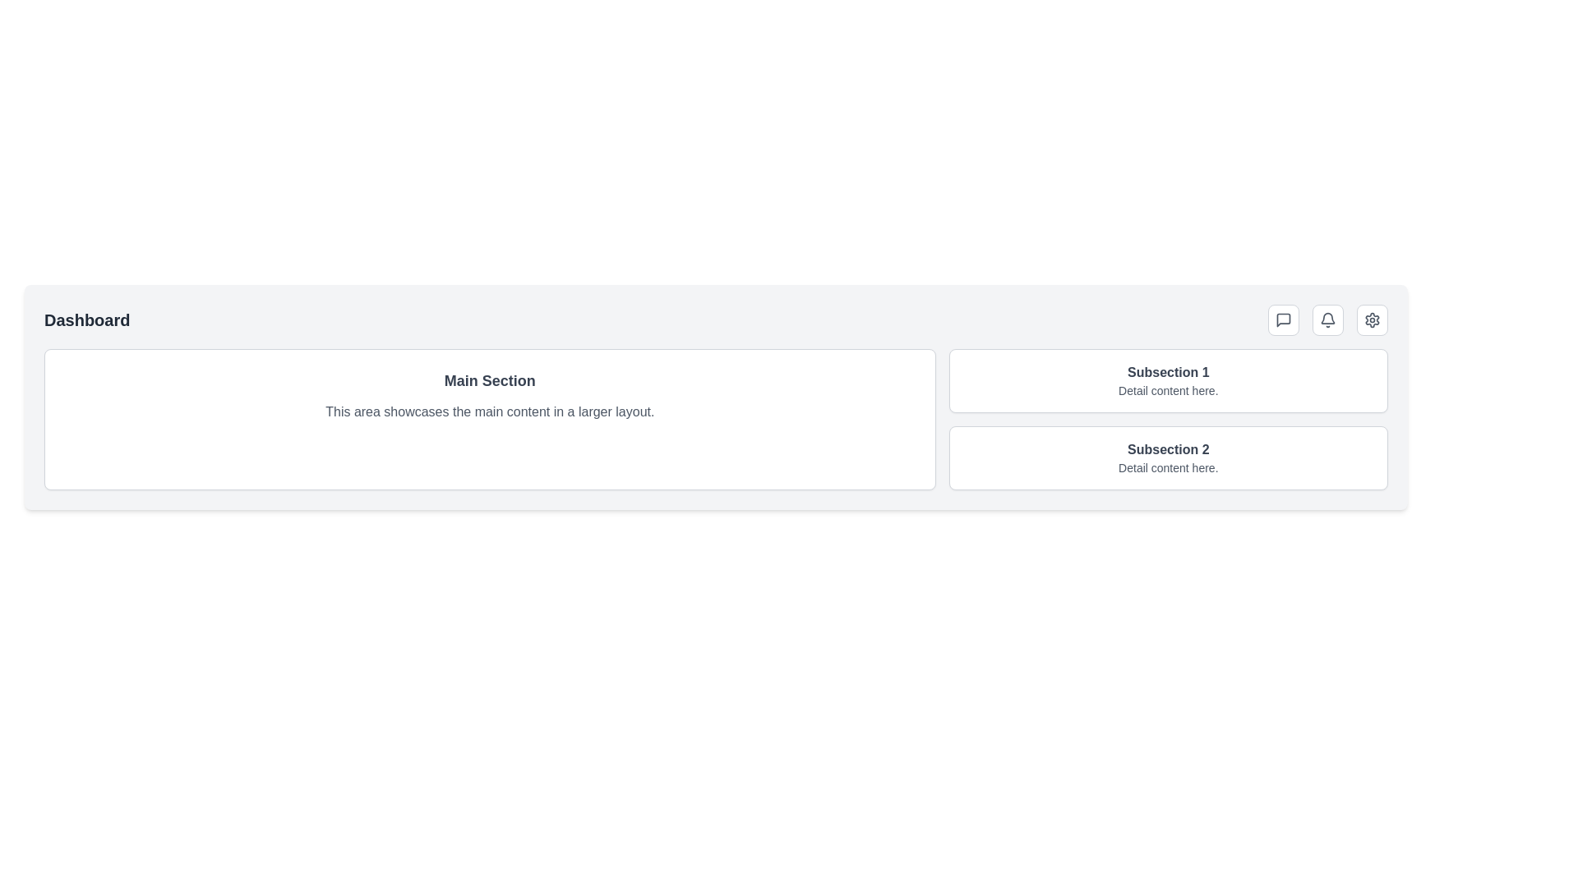 The width and height of the screenshot is (1578, 887). I want to click on the gear icon located on the right side of the dashboard header, so click(1373, 319).